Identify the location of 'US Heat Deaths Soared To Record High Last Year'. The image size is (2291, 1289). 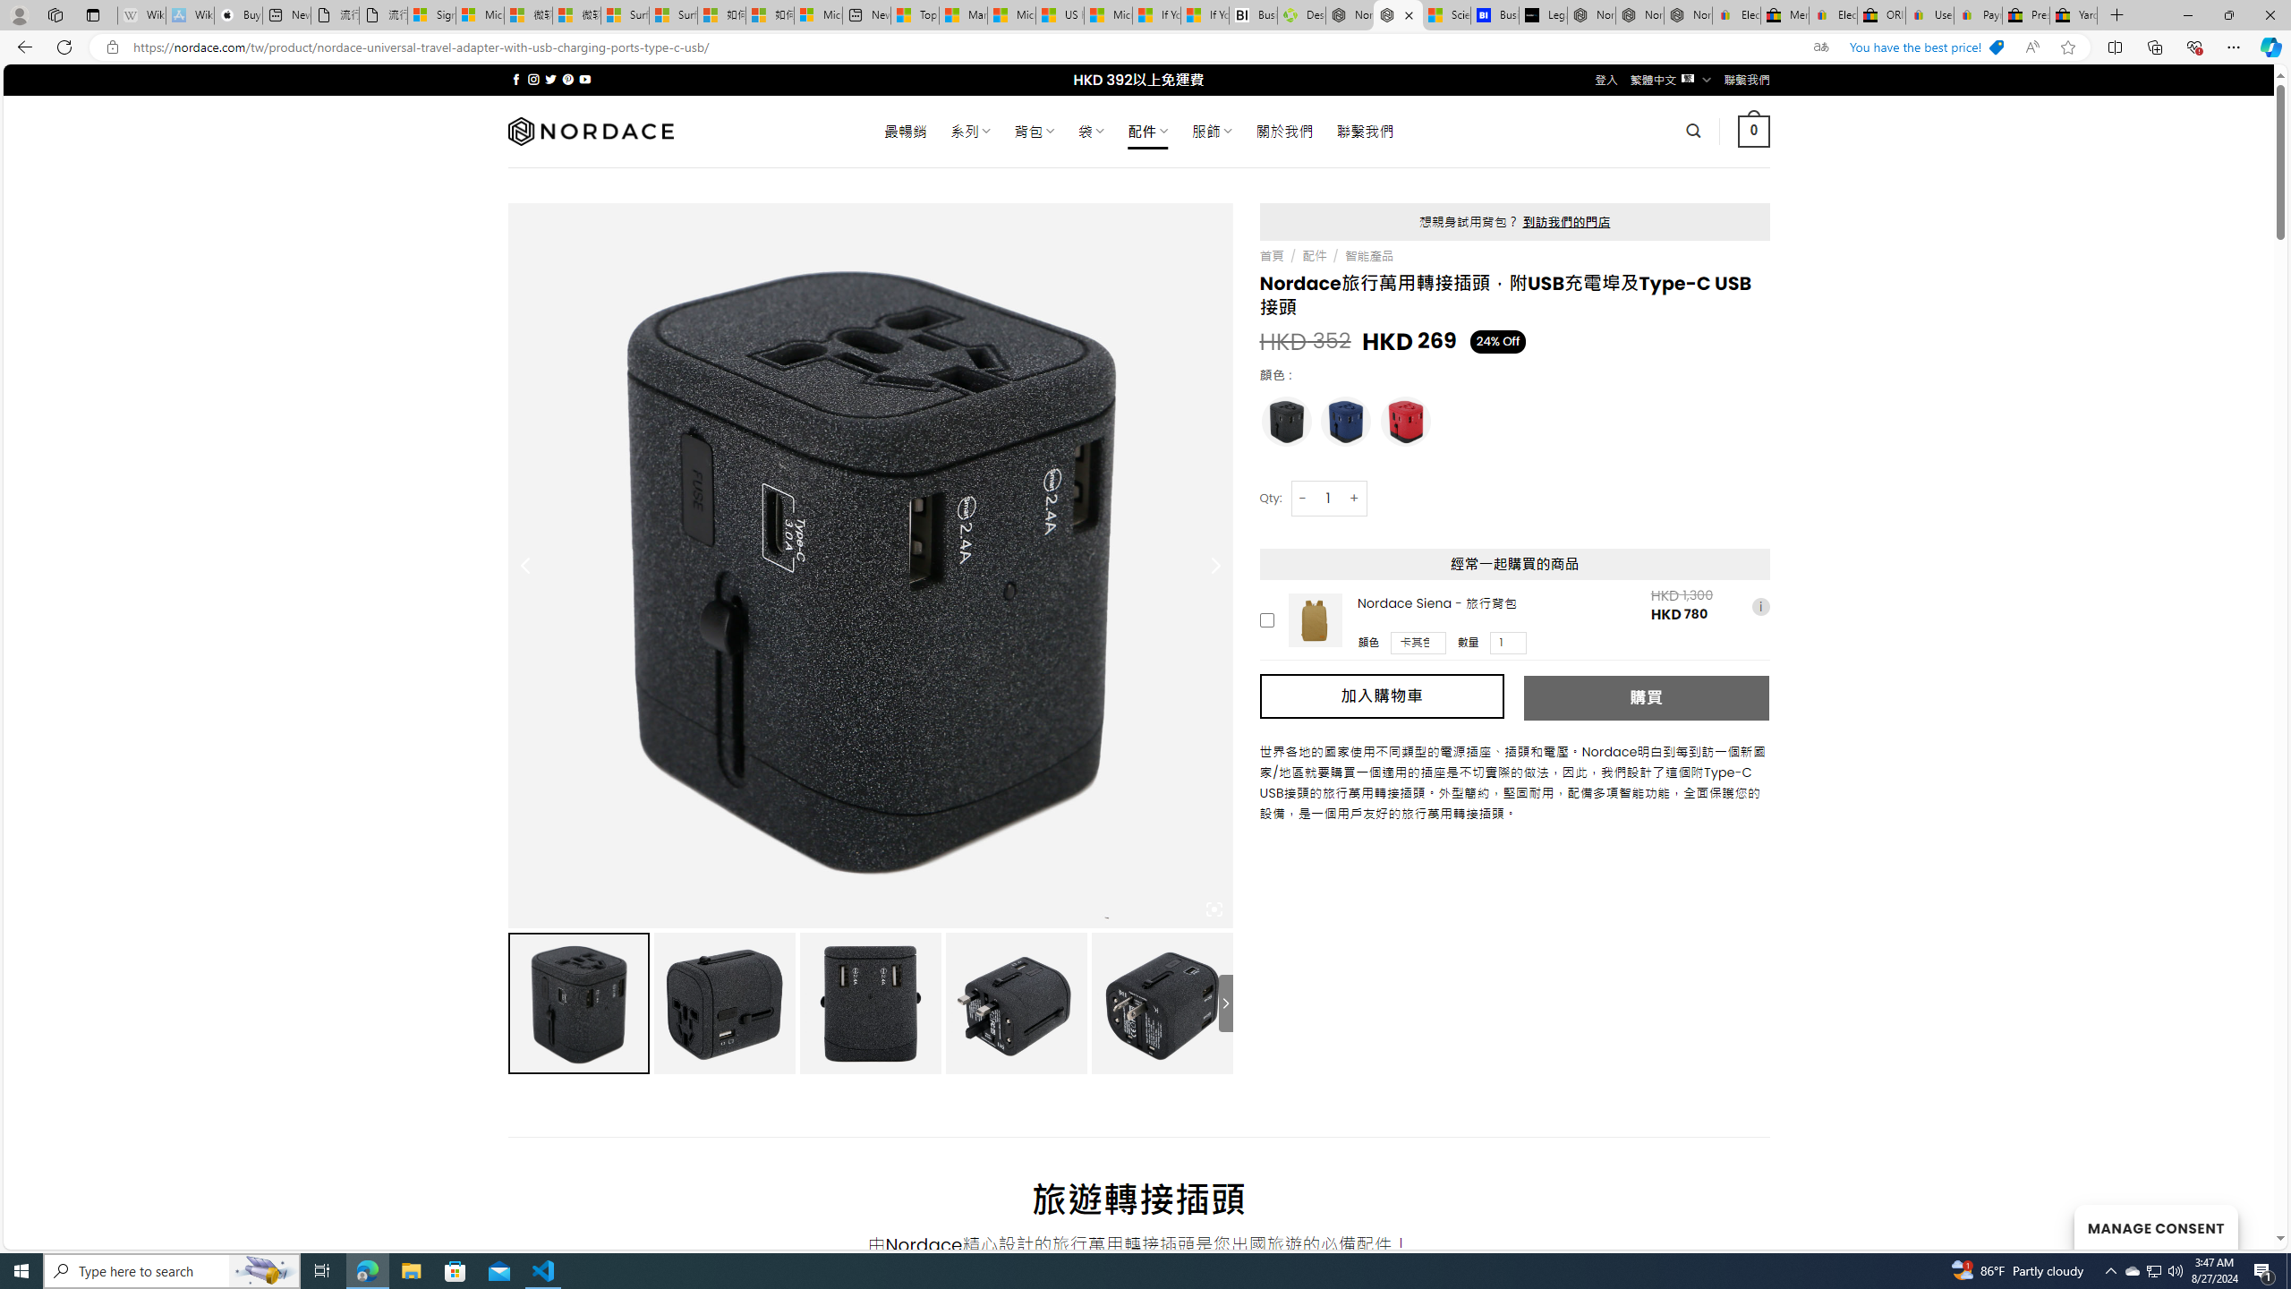
(1060, 14).